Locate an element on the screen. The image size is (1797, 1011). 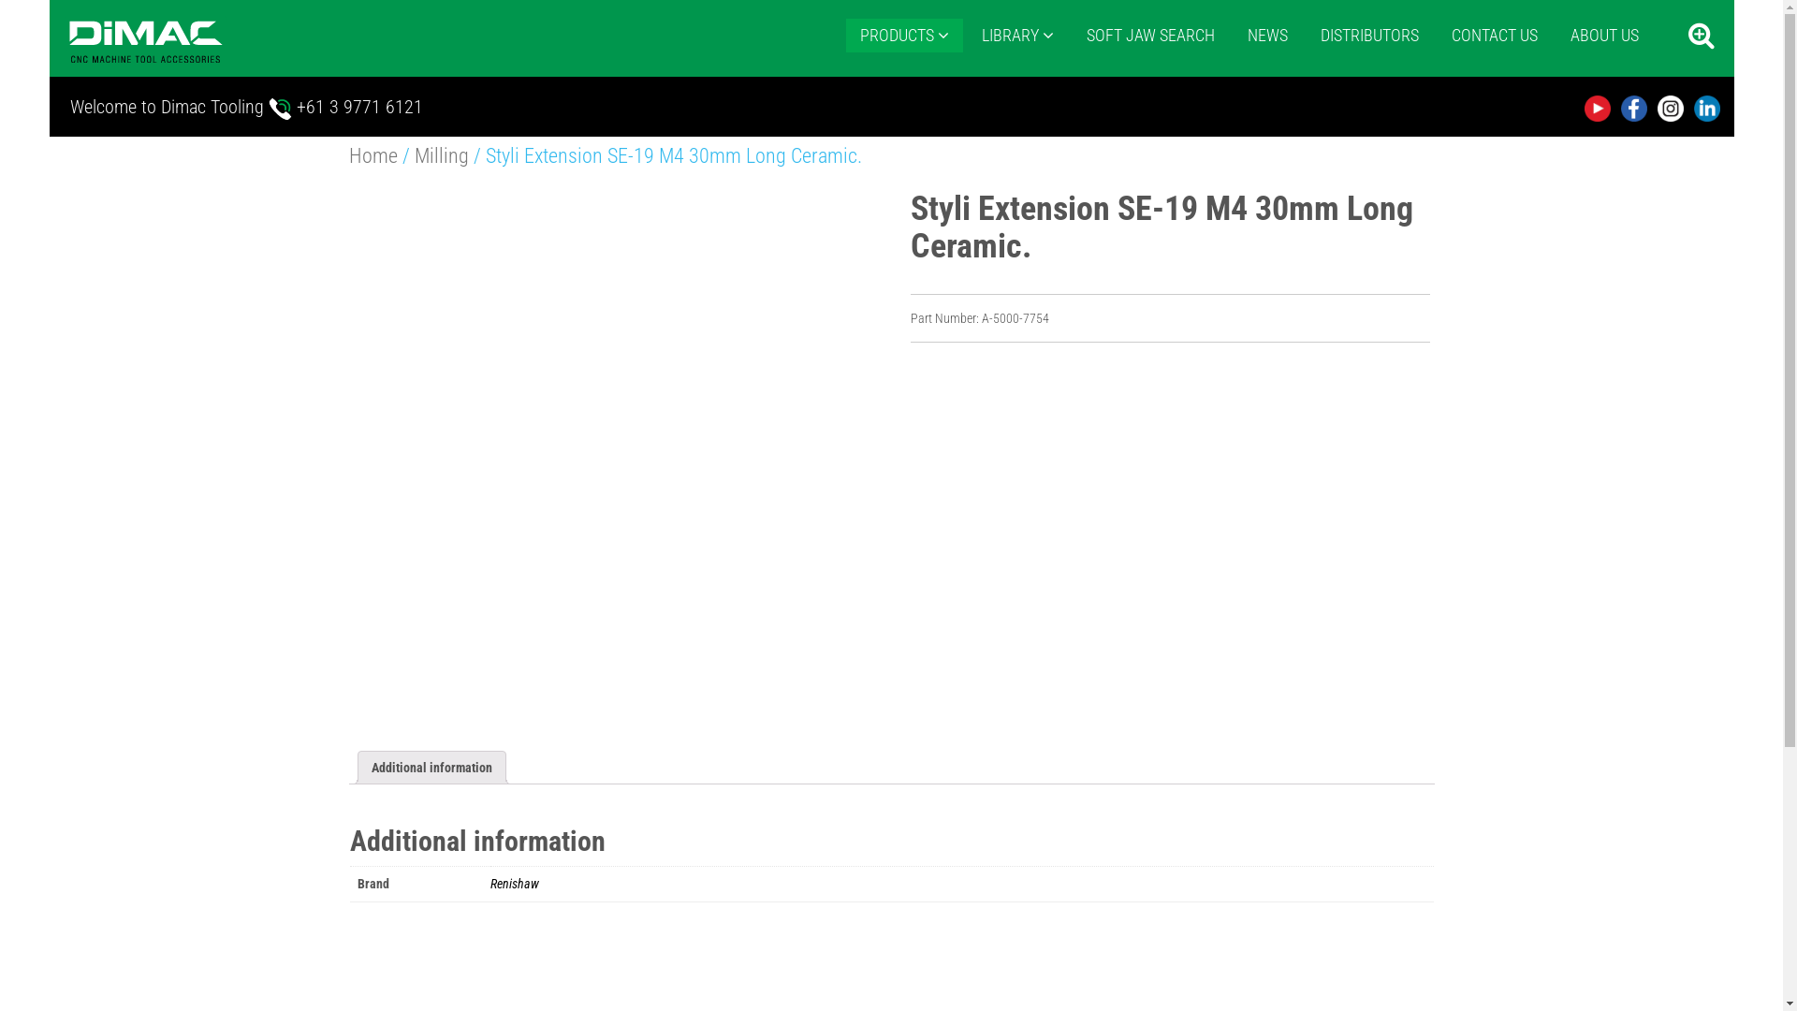
'+61 3 9771 6121' is located at coordinates (358, 107).